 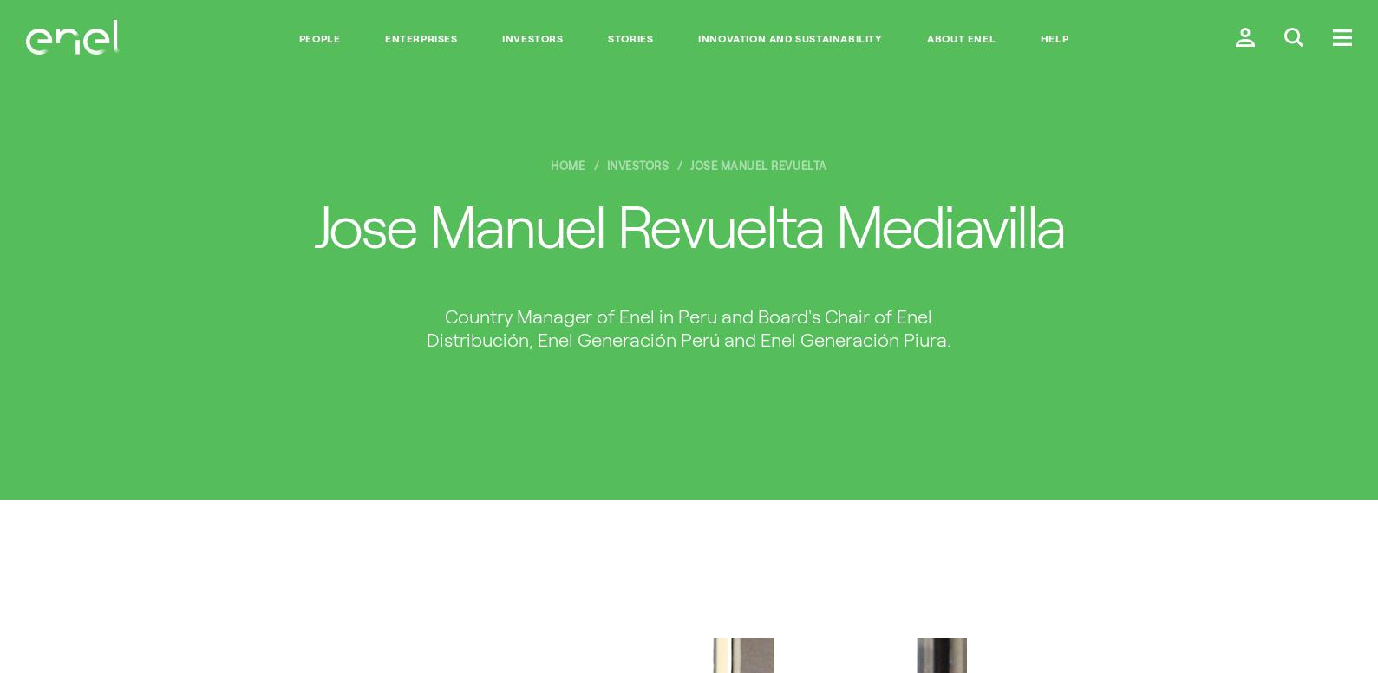 What do you see at coordinates (421, 39) in the screenshot?
I see `'Enterprises'` at bounding box center [421, 39].